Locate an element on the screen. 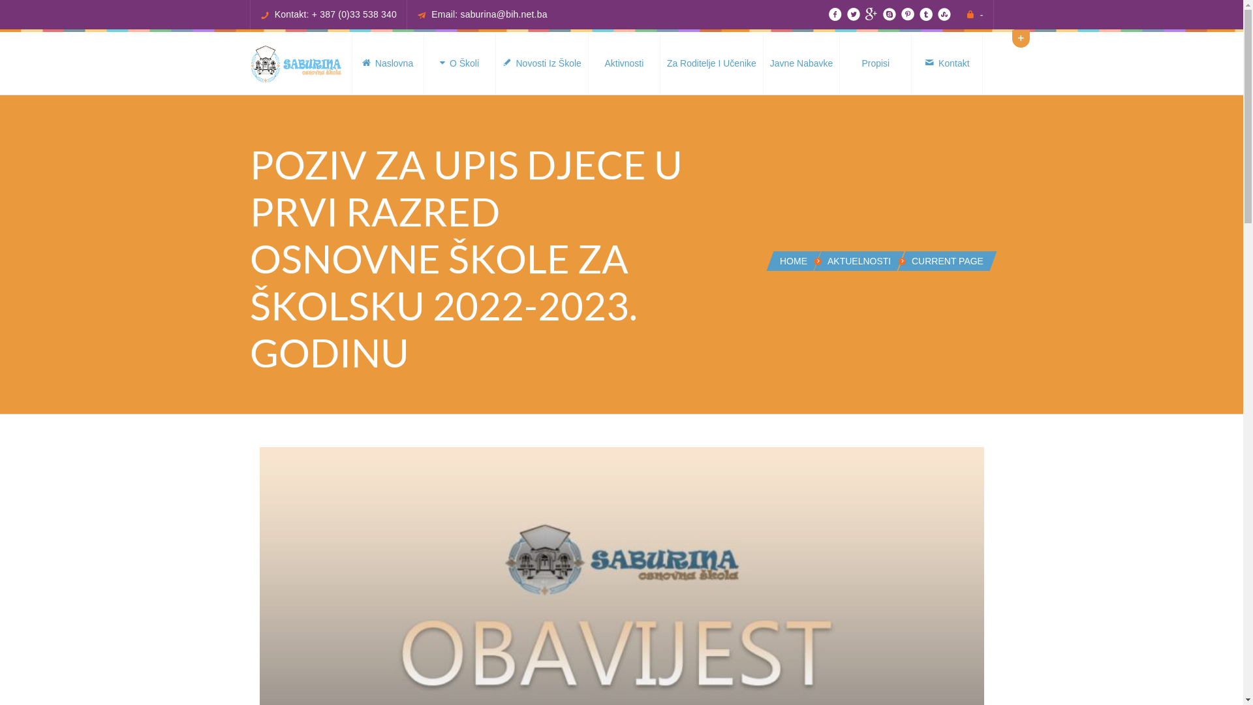 This screenshot has width=1253, height=705. 'Kontakt' is located at coordinates (946, 63).